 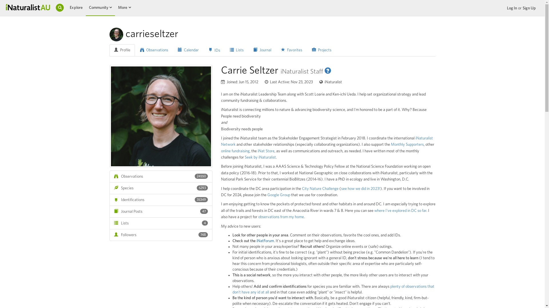 What do you see at coordinates (99, 8) in the screenshot?
I see `'Community'` at bounding box center [99, 8].